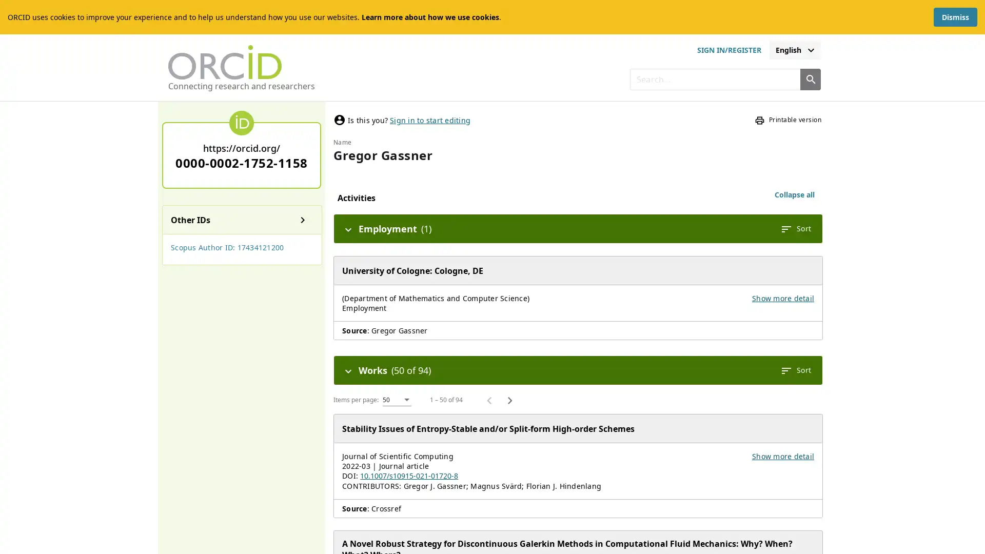  Describe the element at coordinates (489, 399) in the screenshot. I see `Previous page` at that location.